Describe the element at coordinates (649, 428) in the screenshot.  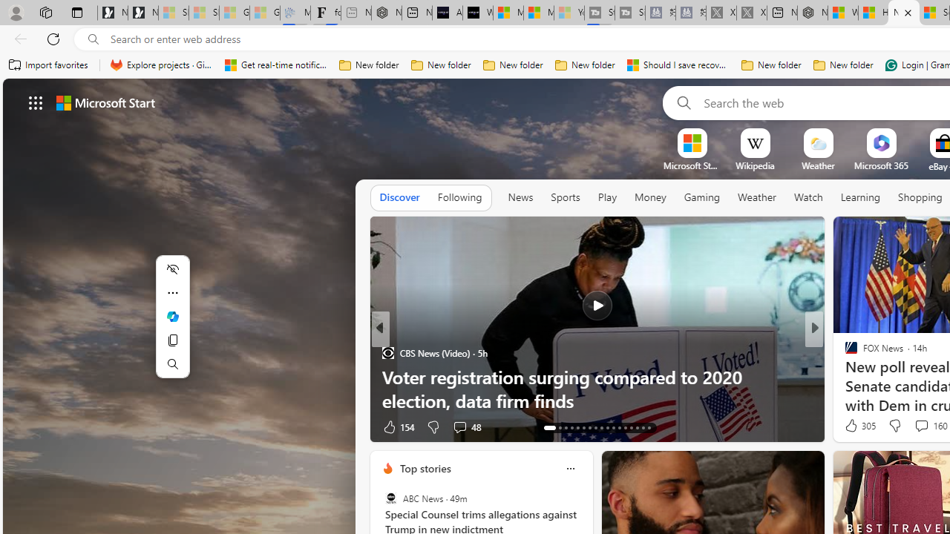
I see `'AutomationID: tab-43'` at that location.